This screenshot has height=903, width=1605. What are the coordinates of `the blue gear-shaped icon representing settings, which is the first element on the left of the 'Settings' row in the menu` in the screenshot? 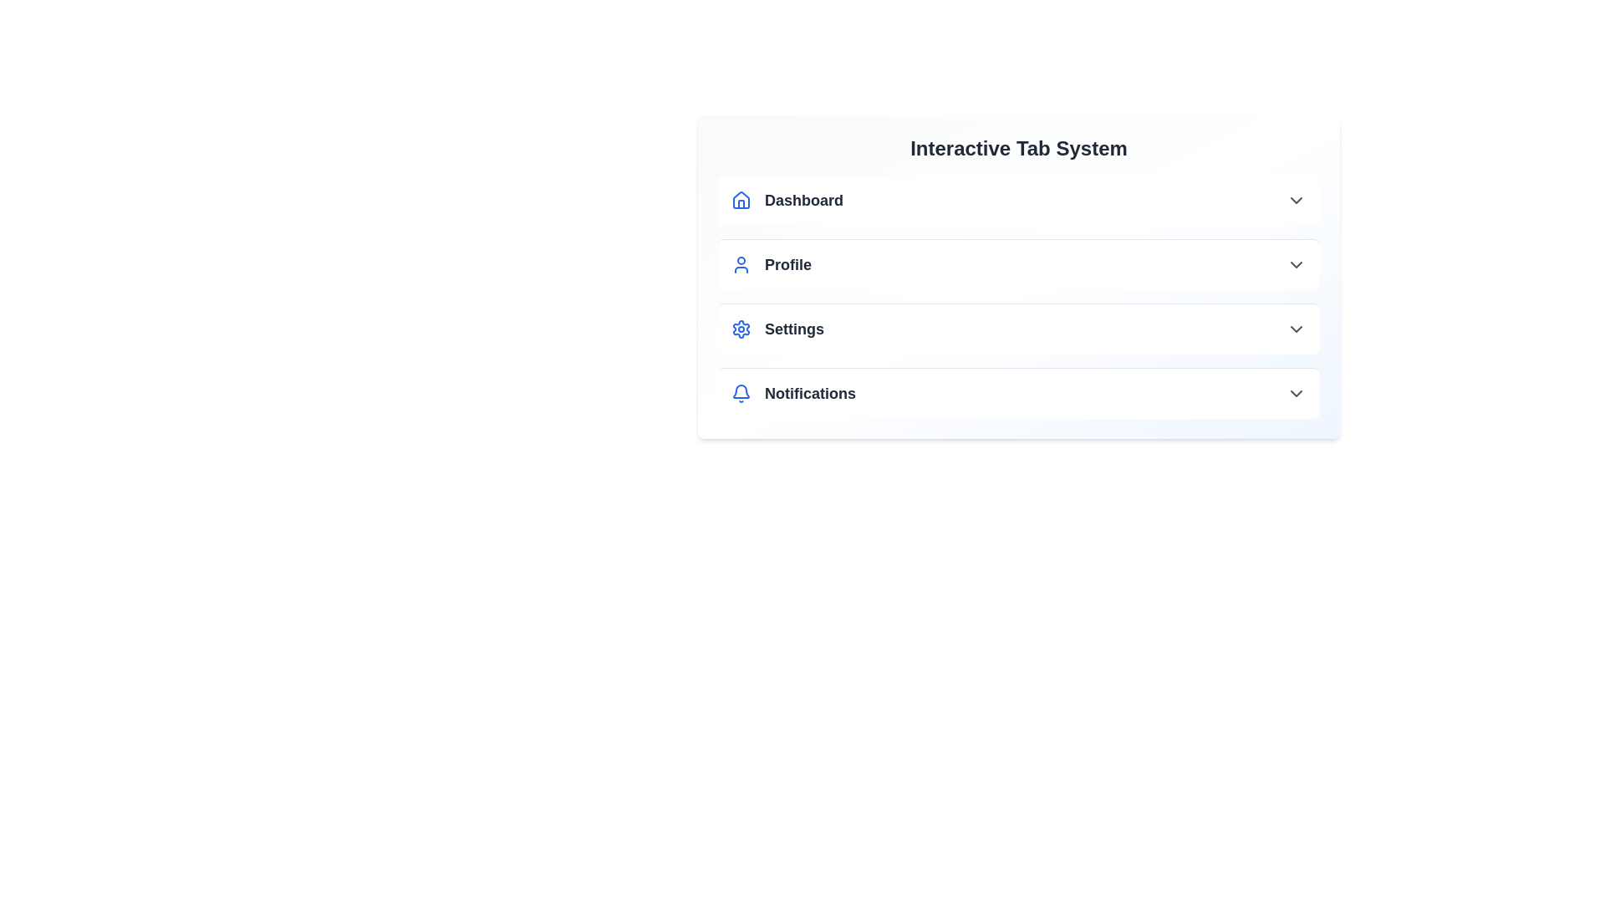 It's located at (741, 329).